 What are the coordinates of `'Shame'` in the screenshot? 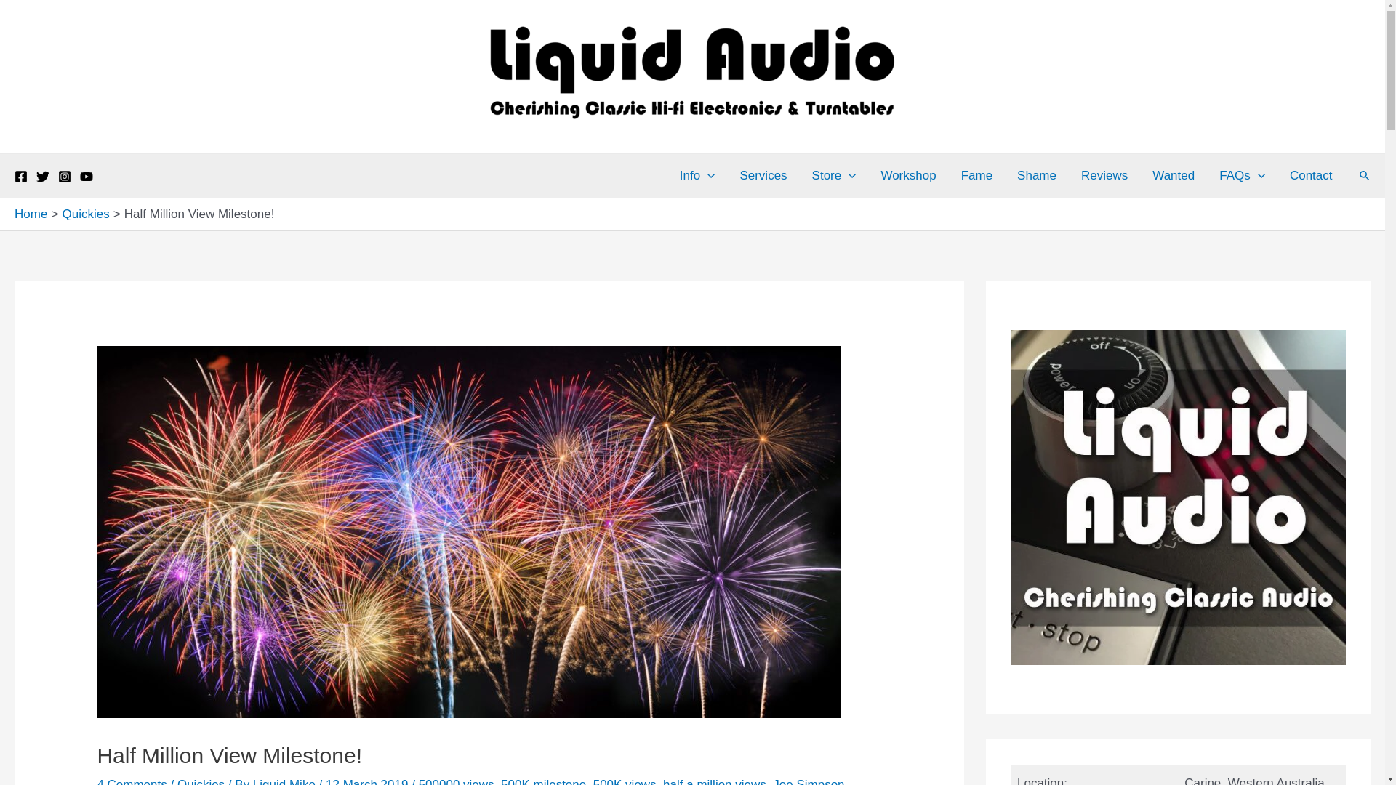 It's located at (1035, 175).